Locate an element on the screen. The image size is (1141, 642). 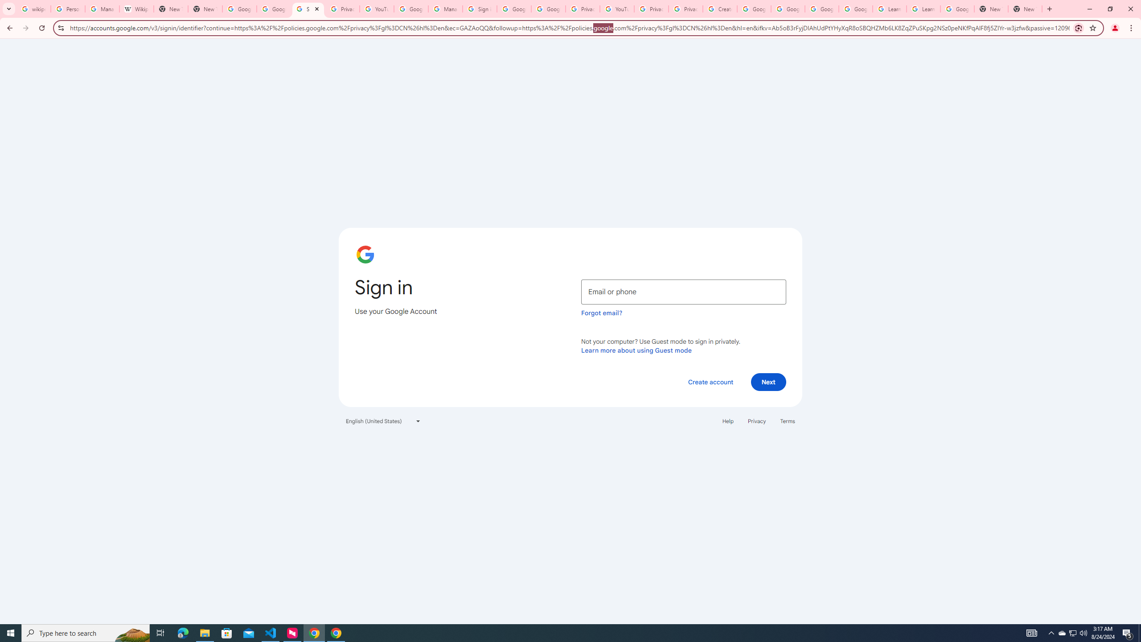
'Create account' is located at coordinates (710, 381).